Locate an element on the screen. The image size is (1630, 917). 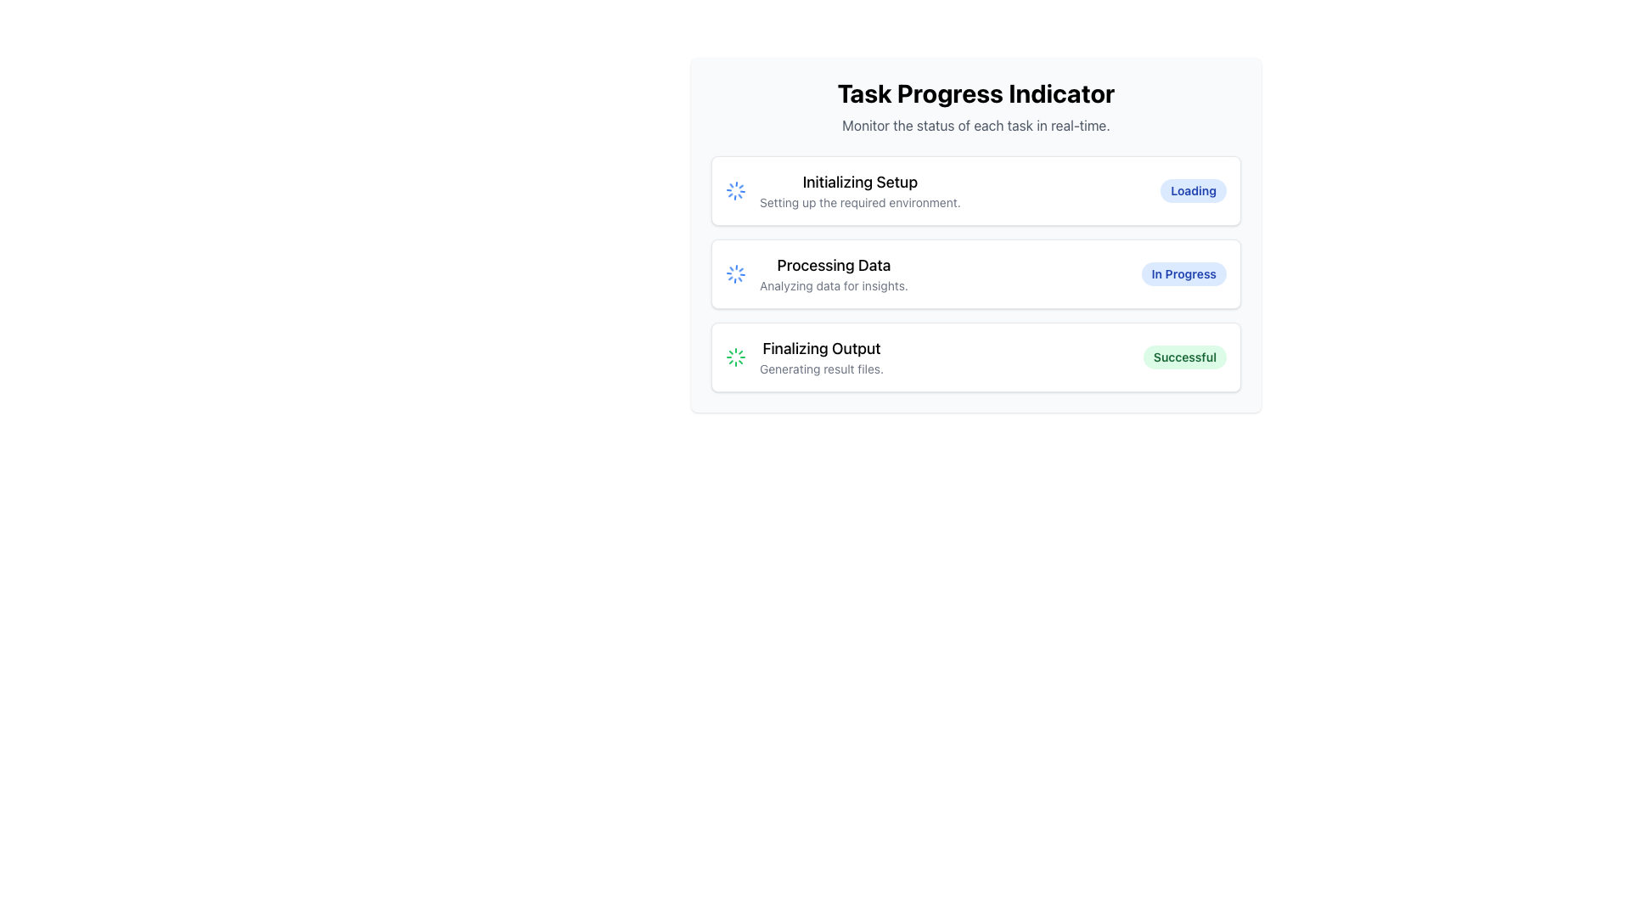
the Status indicator displaying 'Processing Data' within the Task Progress Indicator section, located between 'Initializing Setup' and 'Finalizing Output' is located at coordinates (834, 273).